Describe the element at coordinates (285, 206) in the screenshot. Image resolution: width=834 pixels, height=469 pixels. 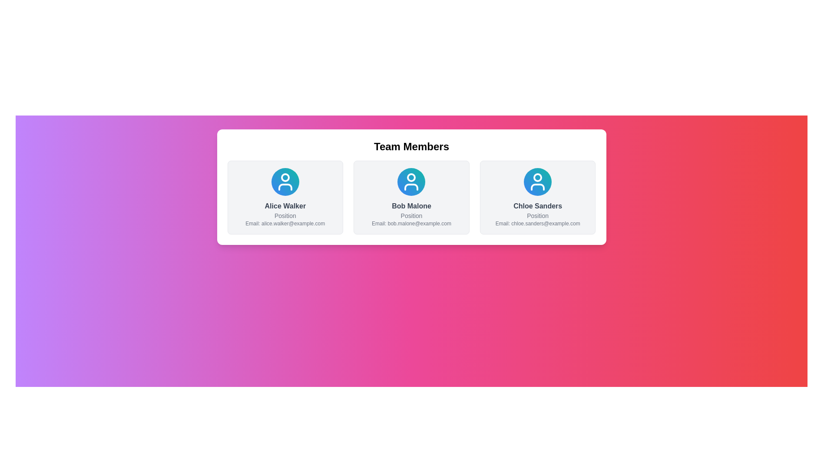
I see `text displaying the name 'Alice Walker' in the 'Team Members' section, which is the first text element below the profile icon` at that location.